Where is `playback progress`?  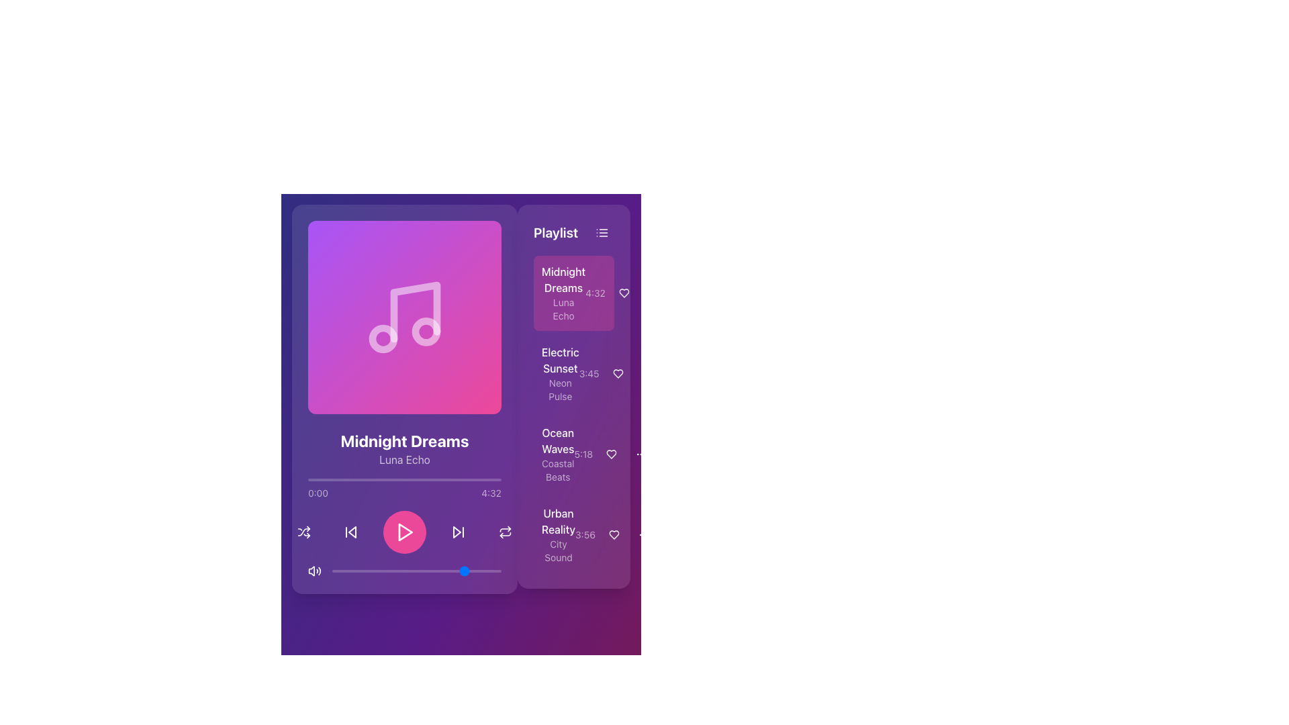 playback progress is located at coordinates (442, 571).